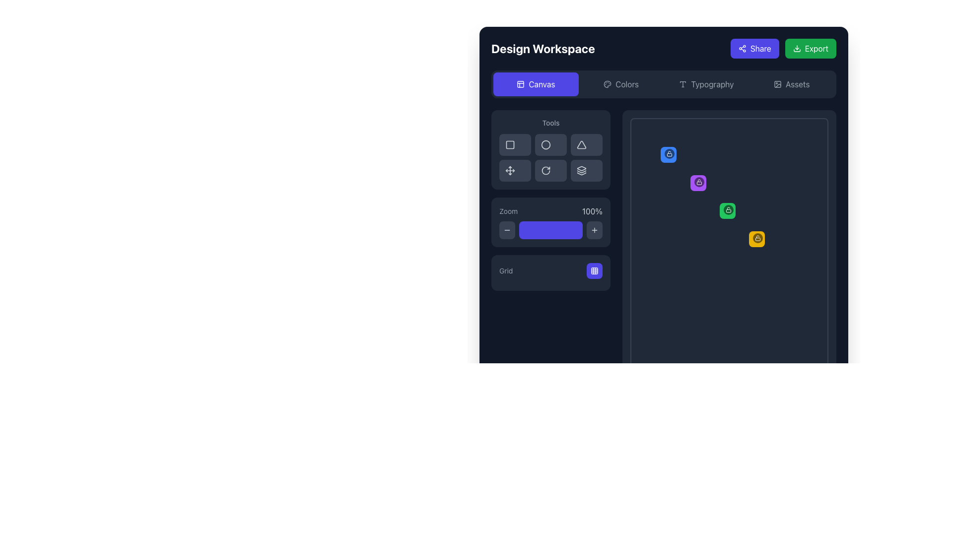 This screenshot has width=953, height=536. What do you see at coordinates (595, 230) in the screenshot?
I see `the square-shaped button with a dark gray background and a '+' icon` at bounding box center [595, 230].